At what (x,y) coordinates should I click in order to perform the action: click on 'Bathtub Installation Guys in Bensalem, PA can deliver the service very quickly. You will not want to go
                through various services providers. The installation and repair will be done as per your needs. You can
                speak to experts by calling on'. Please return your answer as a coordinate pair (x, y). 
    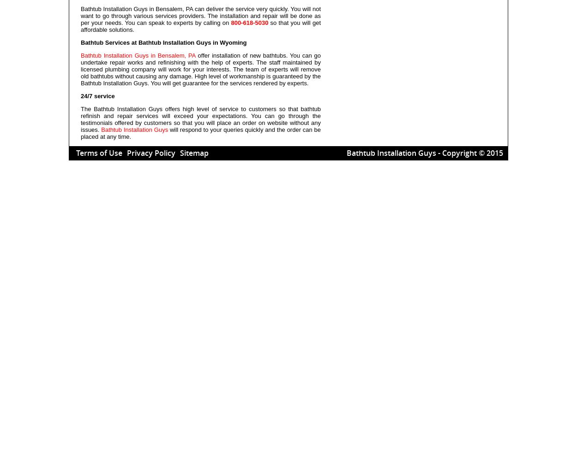
    Looking at the image, I should click on (200, 16).